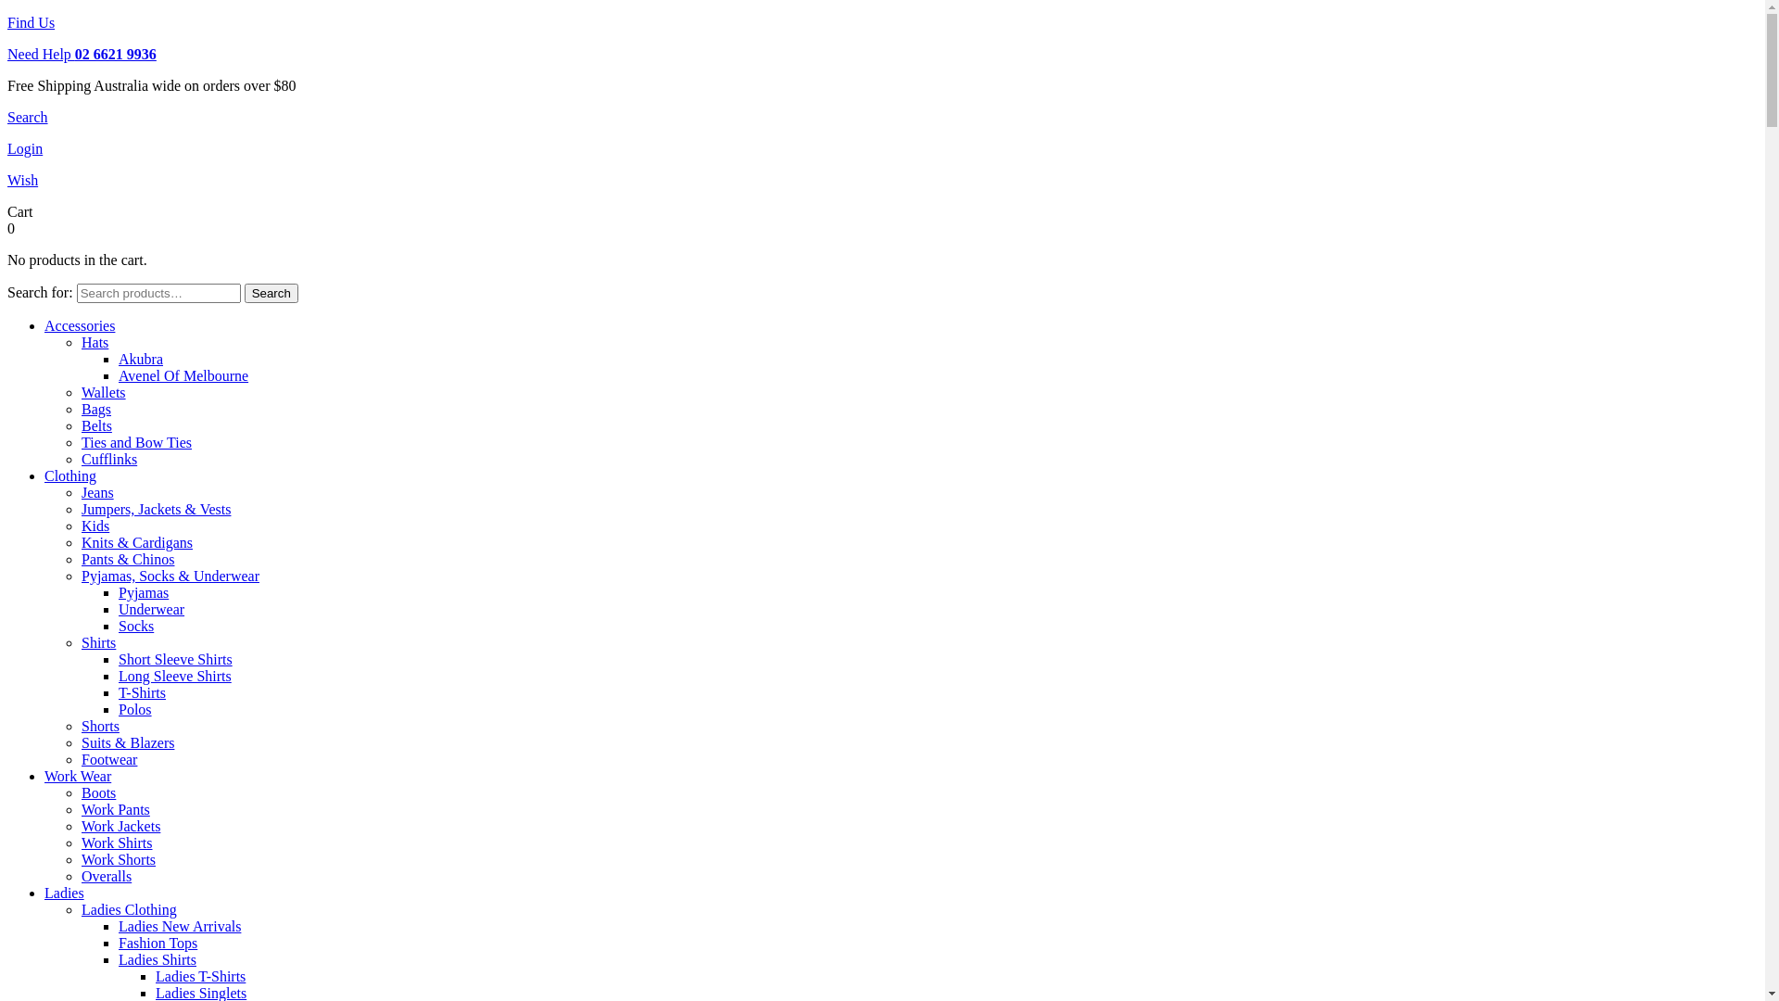 The height and width of the screenshot is (1001, 1779). What do you see at coordinates (151, 609) in the screenshot?
I see `'Underwear'` at bounding box center [151, 609].